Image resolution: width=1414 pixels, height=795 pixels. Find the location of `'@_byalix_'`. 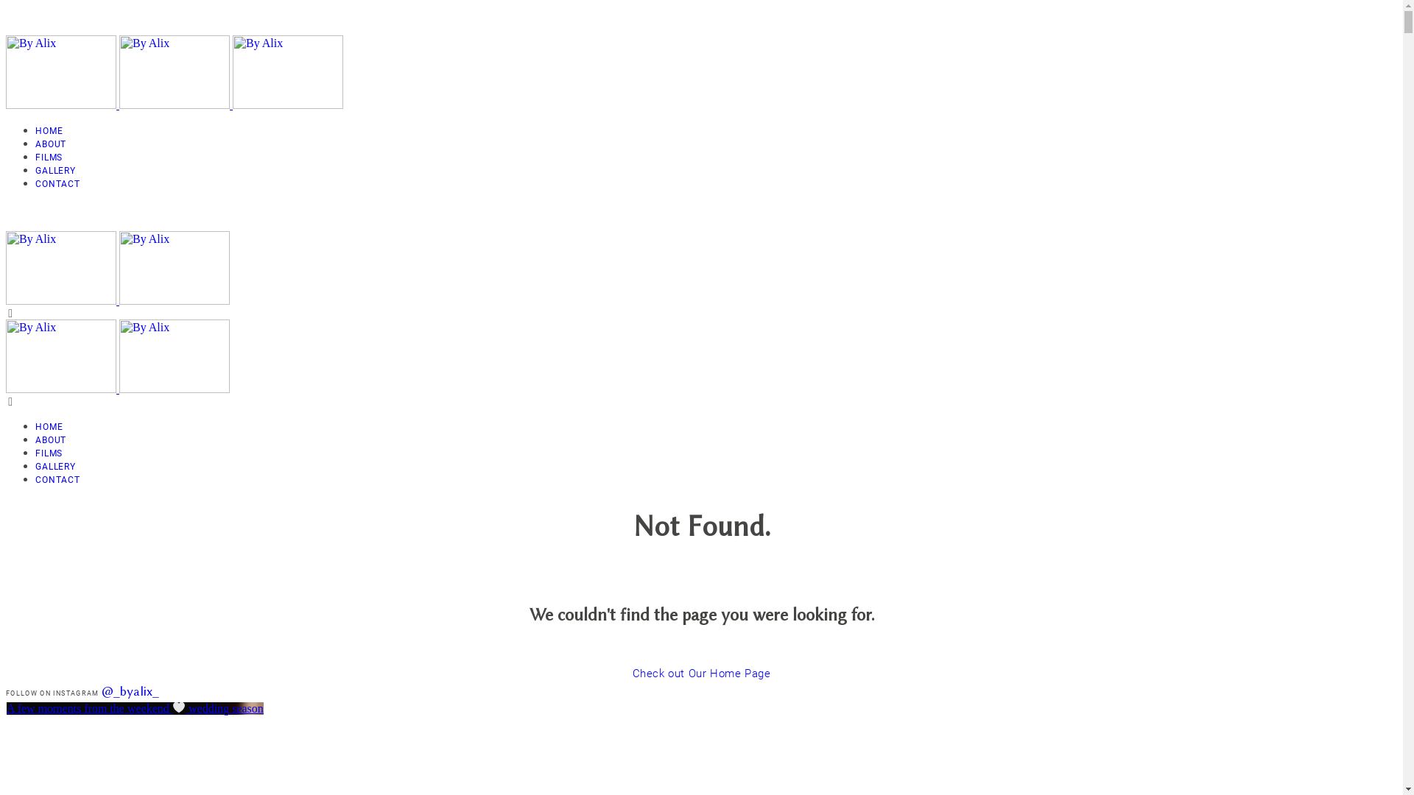

'@_byalix_' is located at coordinates (130, 690).